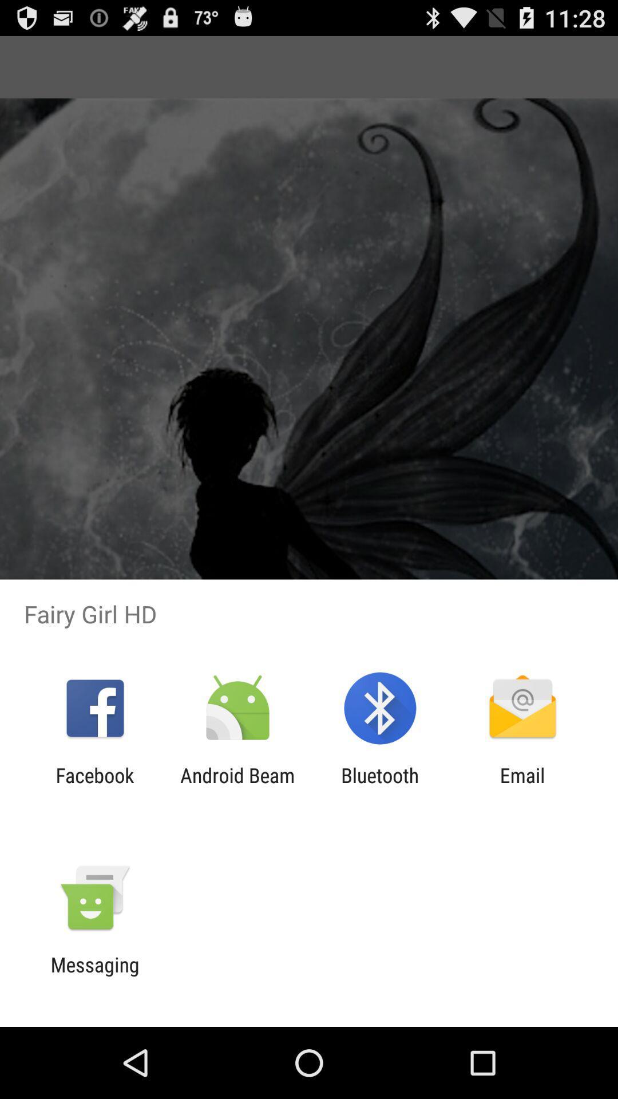 This screenshot has width=618, height=1099. I want to click on android beam icon, so click(237, 786).